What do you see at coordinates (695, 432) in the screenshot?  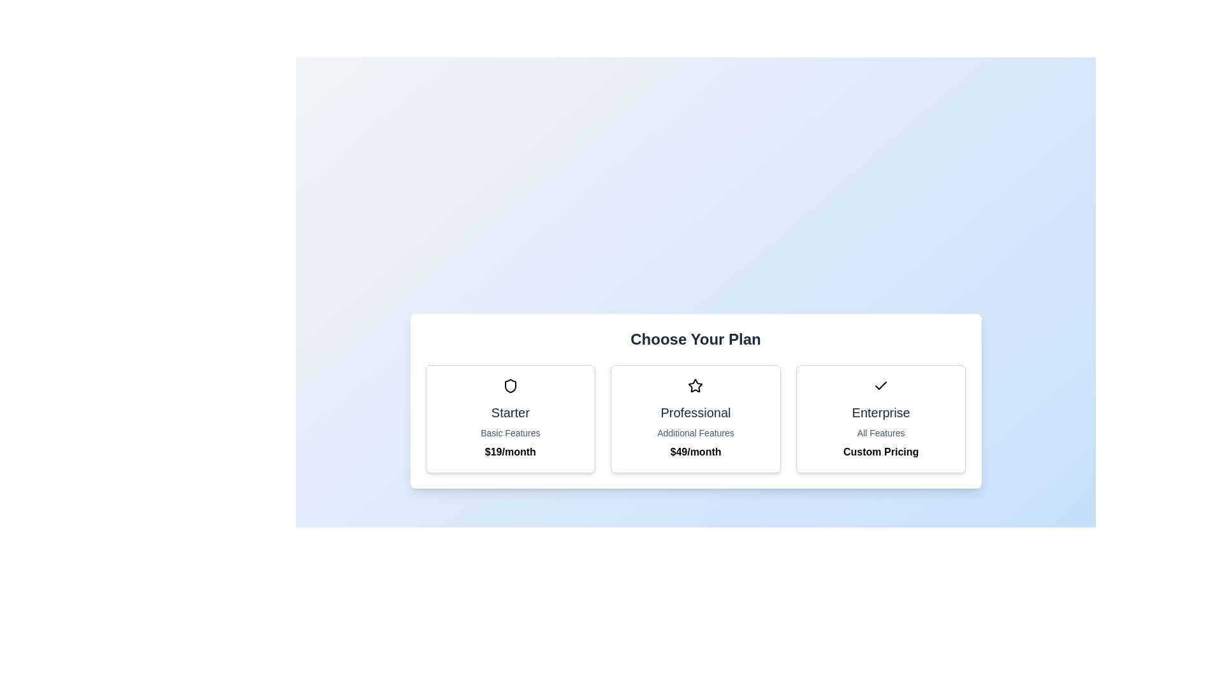 I see `the 'Additional Features' text label, which is styled in gray and positioned below the 'Professional' text and above the '$49/month' text within the 'Professional' plan card` at bounding box center [695, 432].